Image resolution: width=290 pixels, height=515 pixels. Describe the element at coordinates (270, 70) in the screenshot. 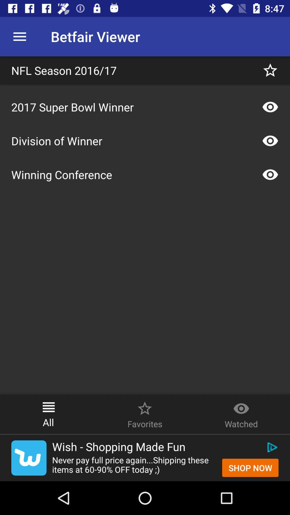

I see `icon next to the nfl season 2016 icon` at that location.